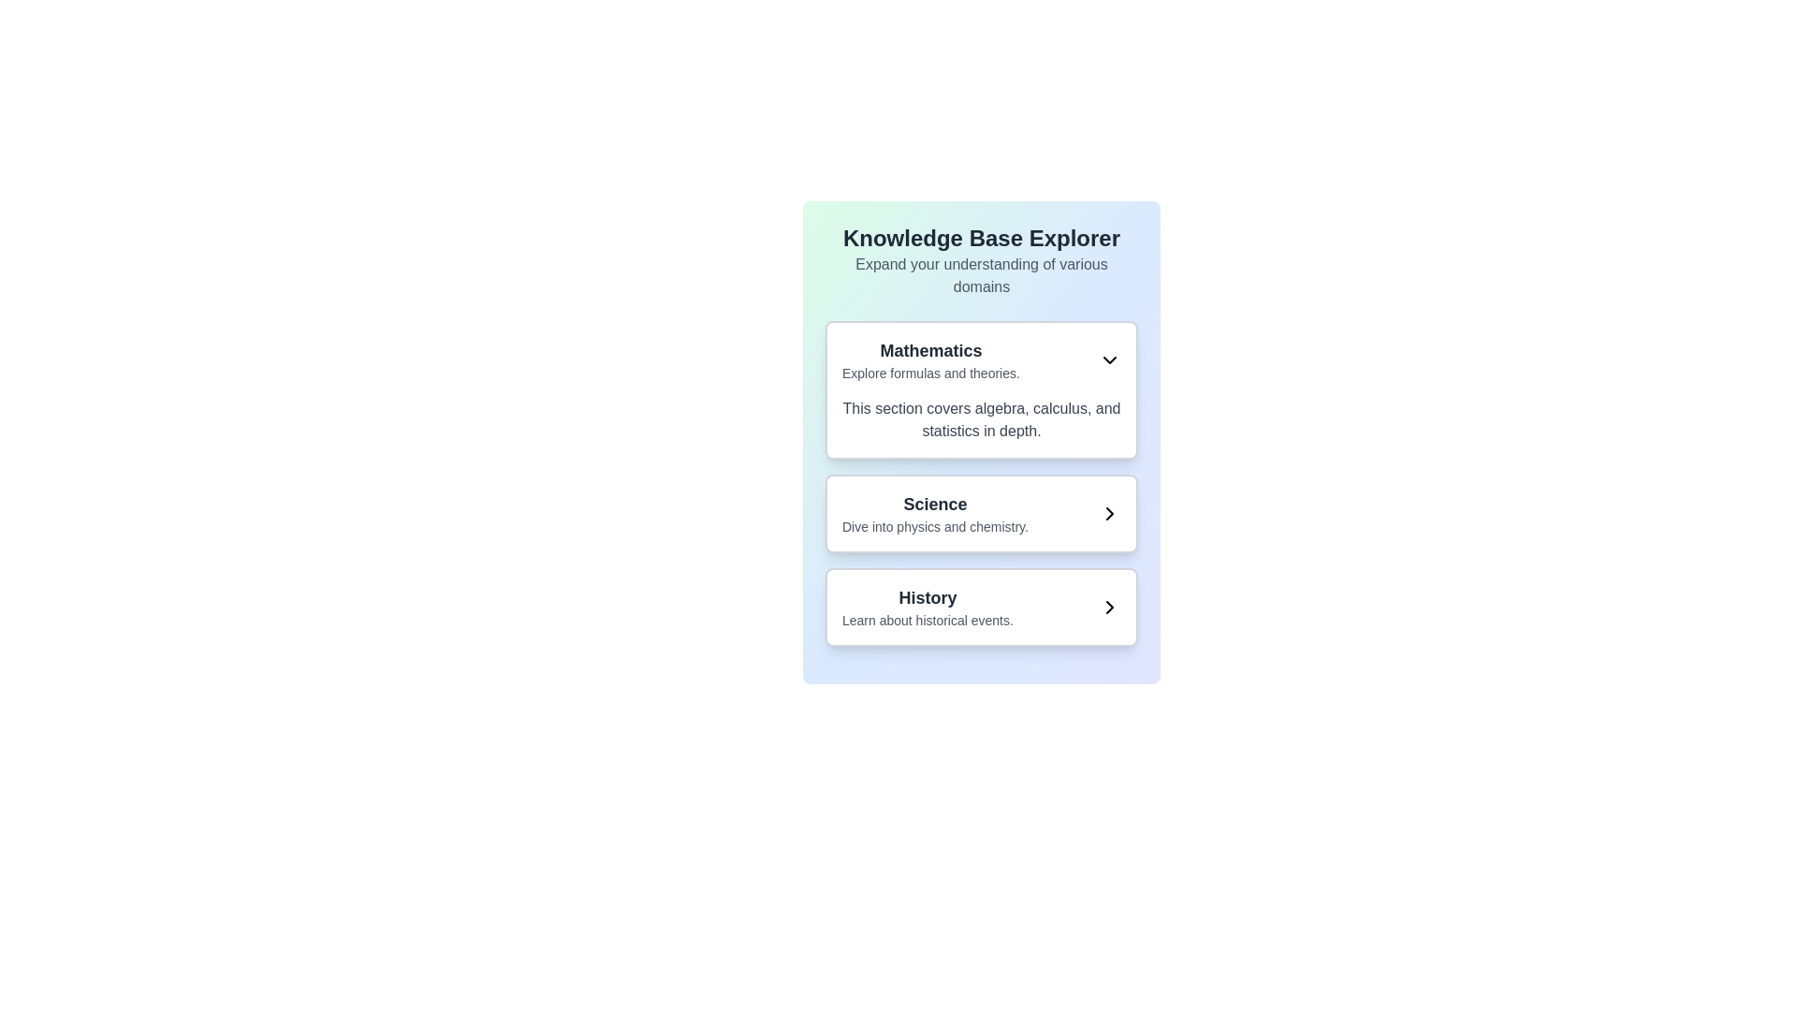  I want to click on the static text element that provides a descriptive subtitle for 'Knowledge Base Explorer', positioned below it and above the sections labeled 'Mathematics', 'Science', and 'History', so click(981, 275).